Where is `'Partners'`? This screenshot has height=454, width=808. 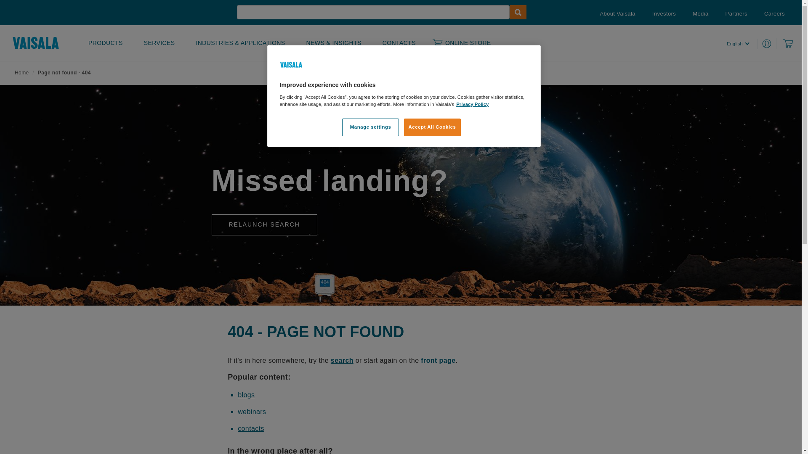 'Partners' is located at coordinates (736, 14).